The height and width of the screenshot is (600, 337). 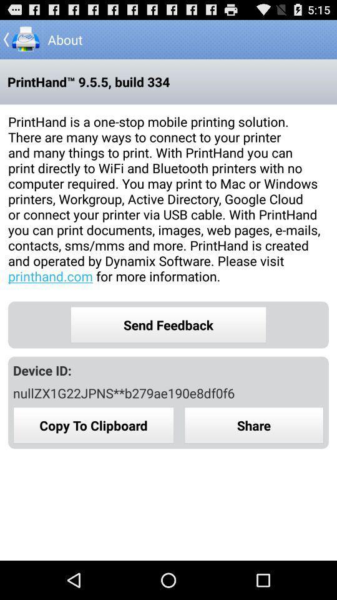 I want to click on icon below nullzx1g22jpns**b279ae190e8df0f6 app, so click(x=93, y=425).